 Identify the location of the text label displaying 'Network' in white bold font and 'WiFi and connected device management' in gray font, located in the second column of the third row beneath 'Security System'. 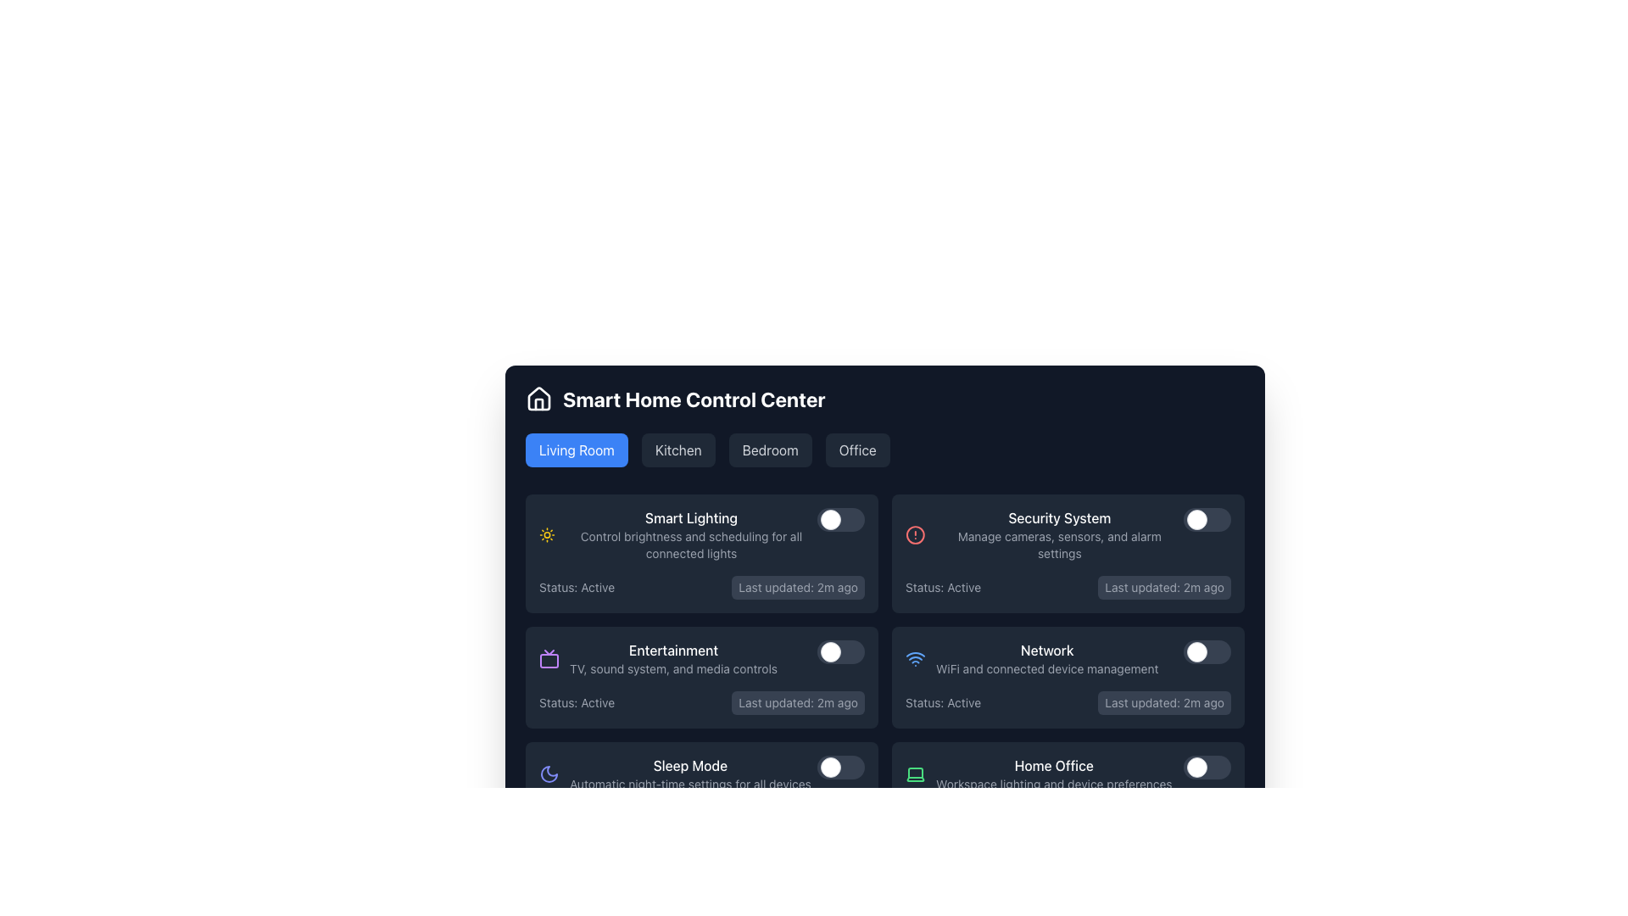
(1046, 657).